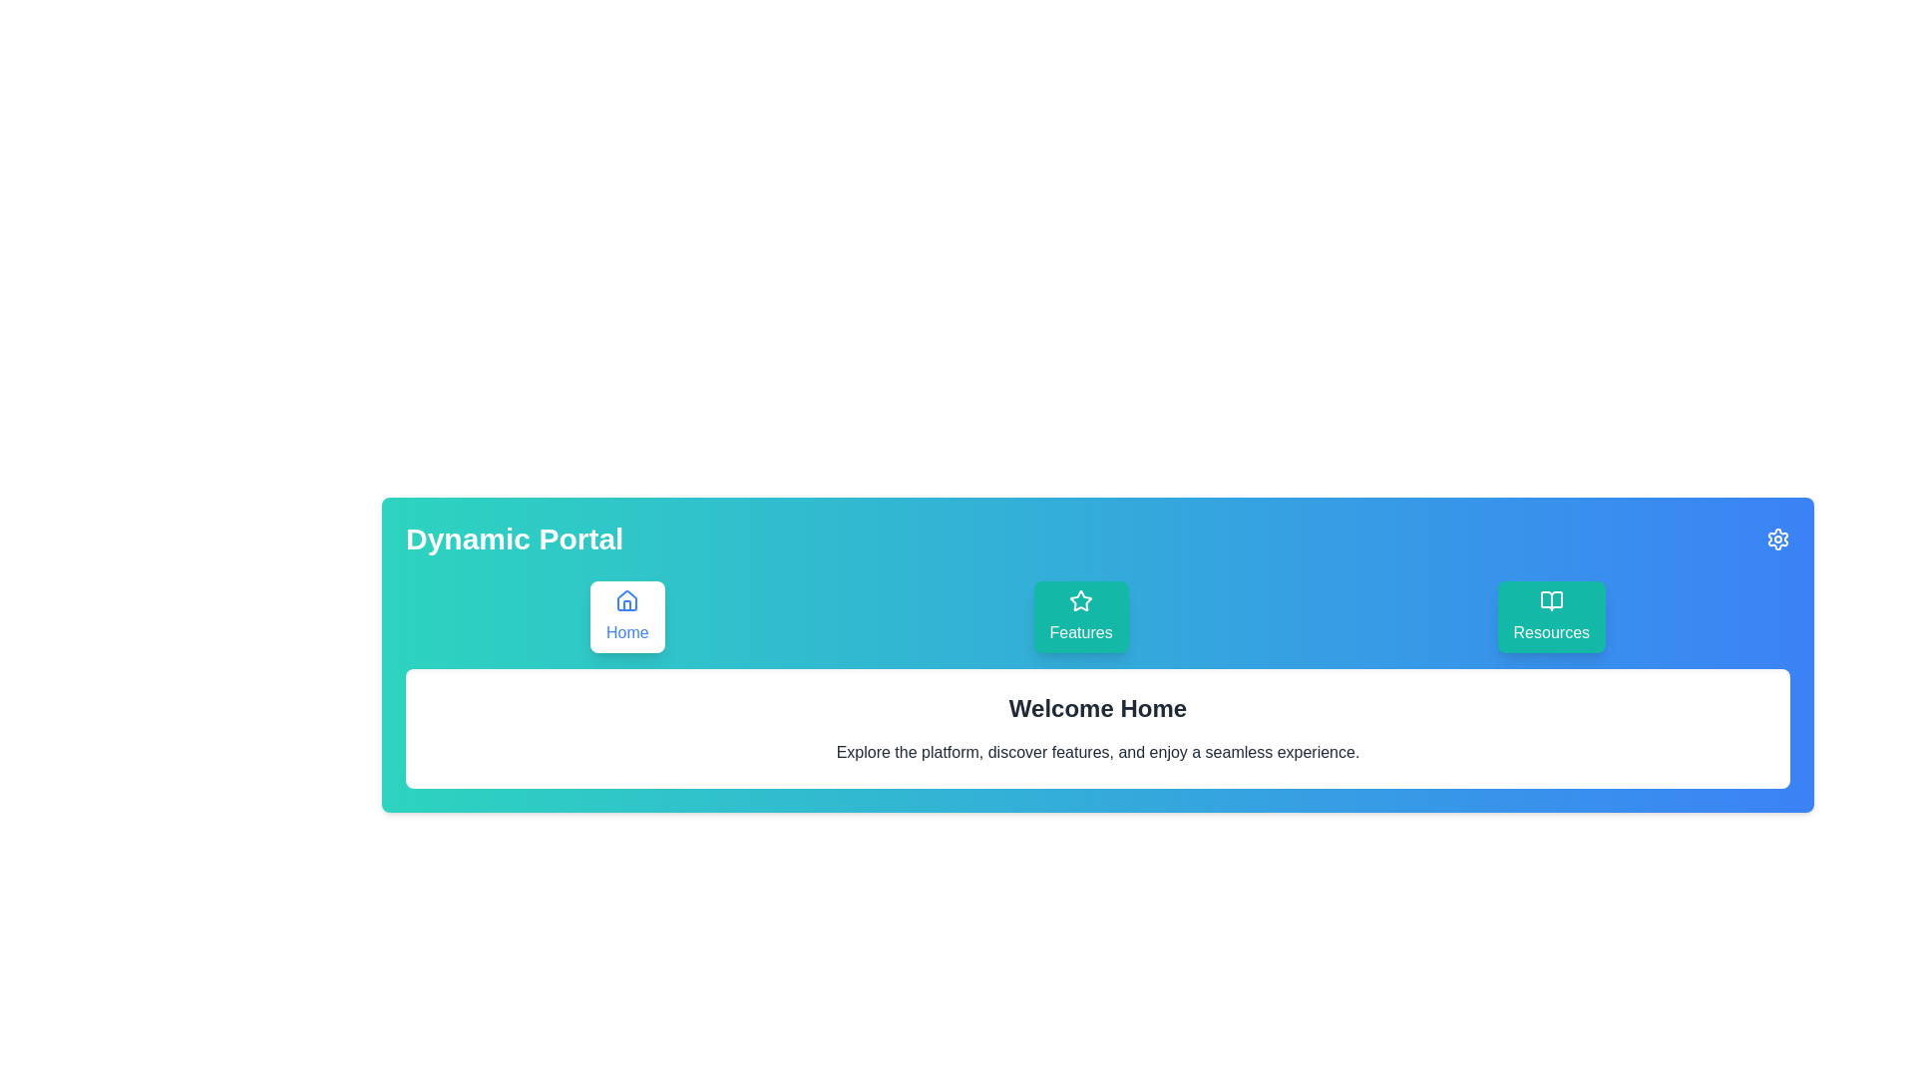 The height and width of the screenshot is (1077, 1915). I want to click on the welcoming Text header that greets users and sets the context for the content presented below by moving the mouse to its center, so click(1096, 707).